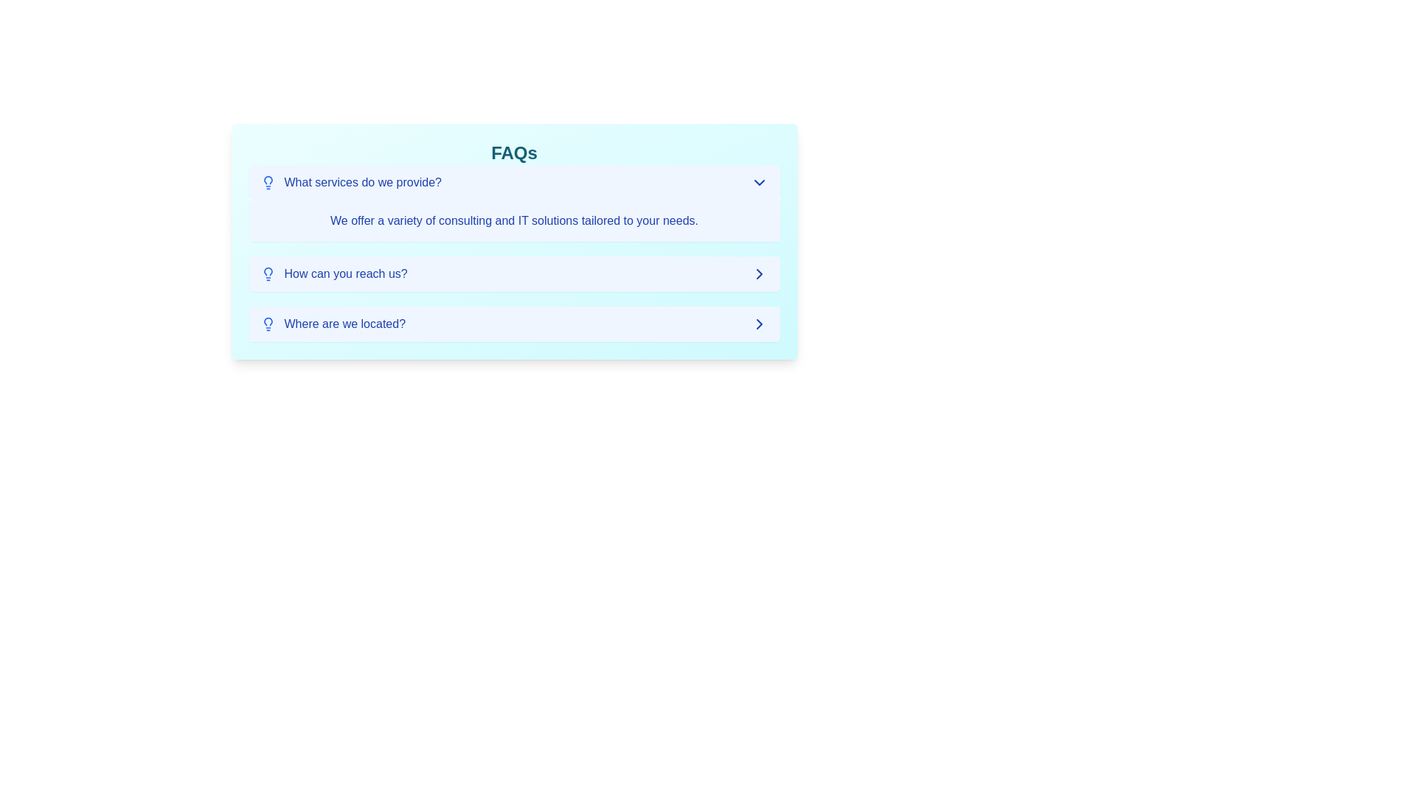 The height and width of the screenshot is (796, 1416). What do you see at coordinates (268, 181) in the screenshot?
I see `the blue lightbulb icon located in the FAQs section, next to the 'What services do we provide?' text label` at bounding box center [268, 181].